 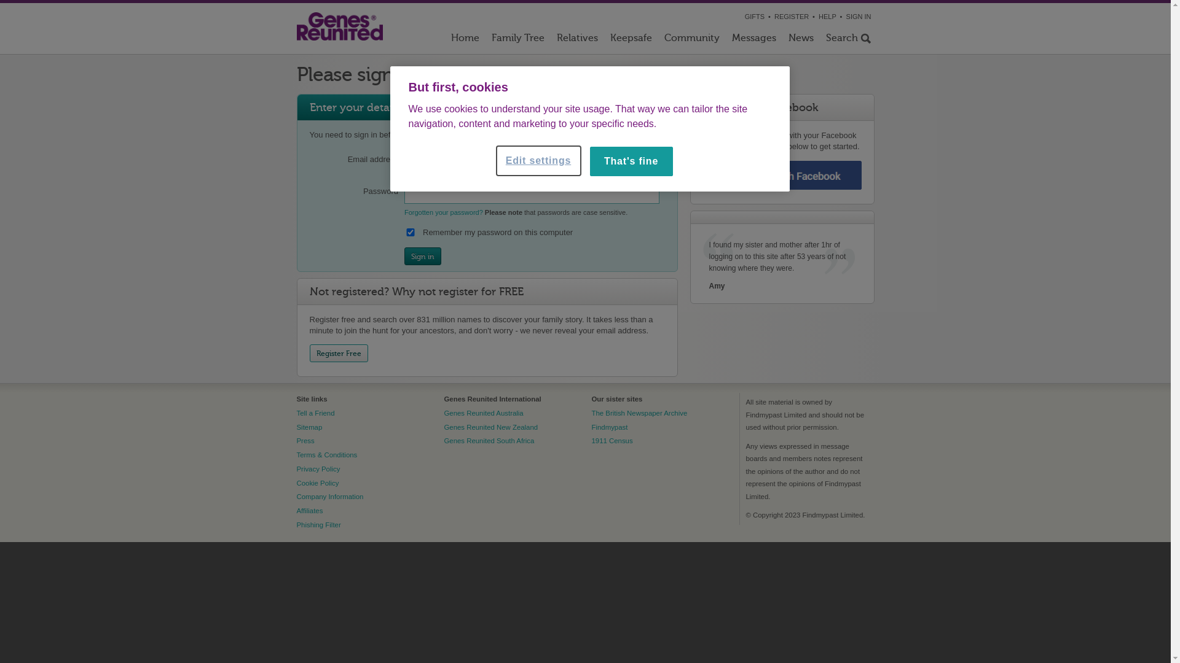 I want to click on 'Privacy Policy', so click(x=318, y=468).